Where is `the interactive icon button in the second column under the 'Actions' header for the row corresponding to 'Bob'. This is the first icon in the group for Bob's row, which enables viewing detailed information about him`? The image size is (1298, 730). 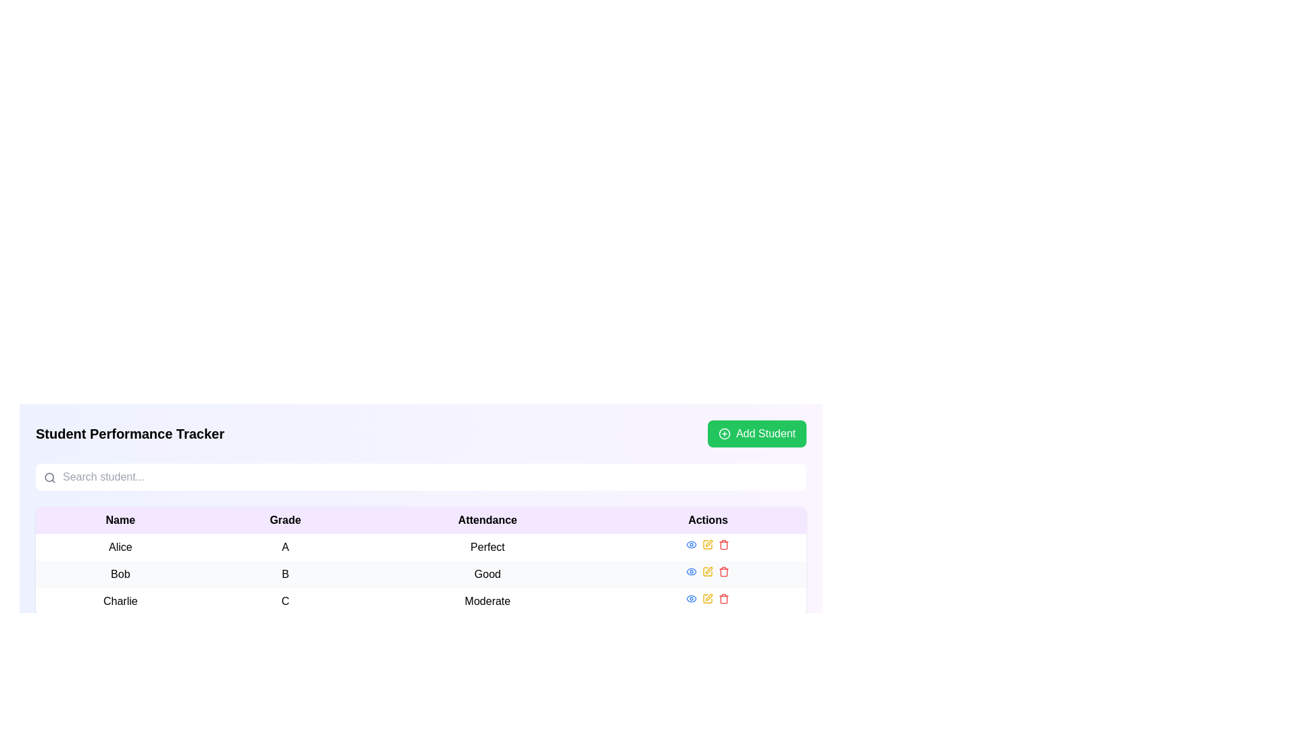
the interactive icon button in the second column under the 'Actions' header for the row corresponding to 'Bob'. This is the first icon in the group for Bob's row, which enables viewing detailed information about him is located at coordinates (692, 571).